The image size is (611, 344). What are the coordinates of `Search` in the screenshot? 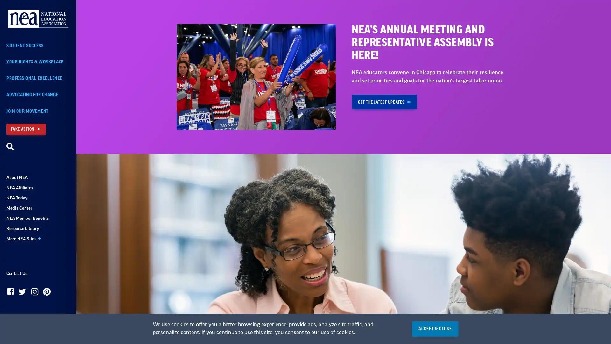 It's located at (10, 147).